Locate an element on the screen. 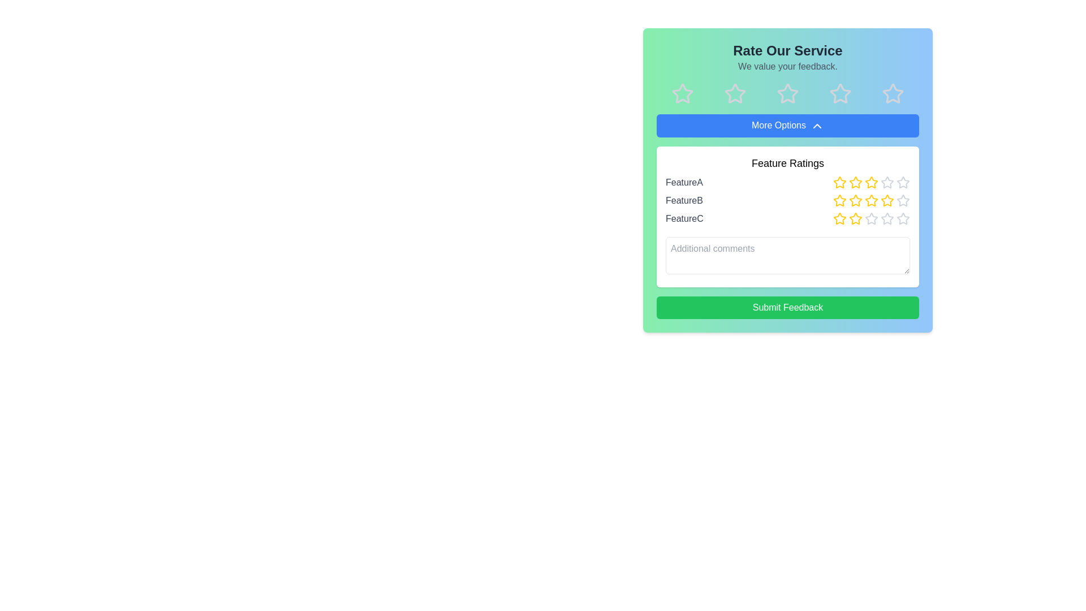 The image size is (1086, 611). the third star icon in the horizontal sequence of five stars in the 'Feature Ratings' section to rate 'FeatureA' is located at coordinates (886, 181).